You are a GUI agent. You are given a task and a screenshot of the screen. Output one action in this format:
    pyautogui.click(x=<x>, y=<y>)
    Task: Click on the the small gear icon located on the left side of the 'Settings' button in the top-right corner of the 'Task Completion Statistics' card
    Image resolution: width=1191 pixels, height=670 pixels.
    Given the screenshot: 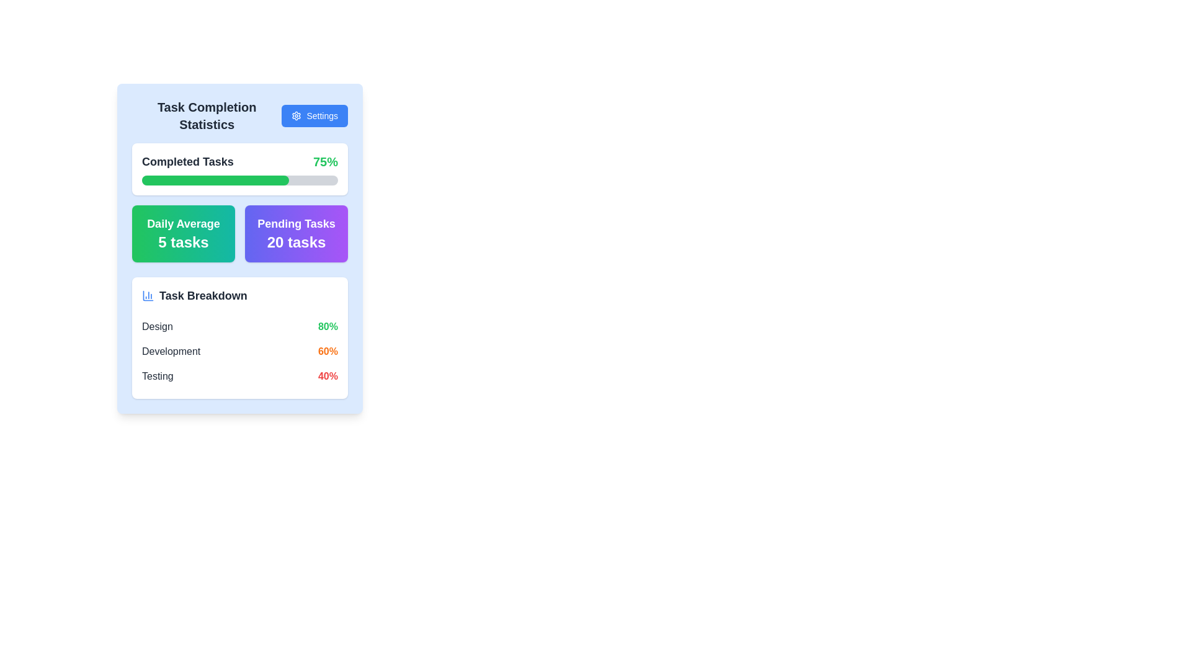 What is the action you would take?
    pyautogui.click(x=296, y=115)
    